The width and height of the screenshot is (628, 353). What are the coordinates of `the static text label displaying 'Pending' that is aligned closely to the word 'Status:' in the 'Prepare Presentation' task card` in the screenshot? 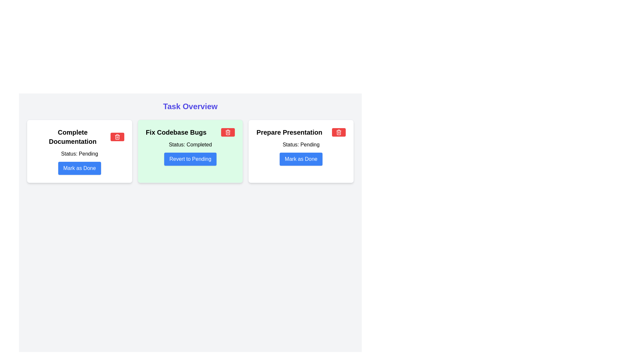 It's located at (309, 144).